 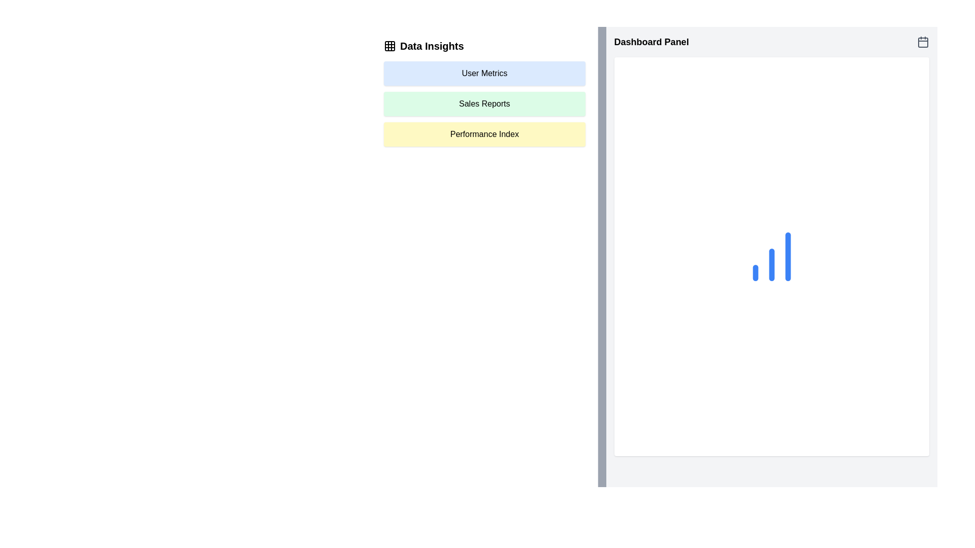 What do you see at coordinates (923, 42) in the screenshot?
I see `the background shape inside the calendar icon located at the top-right corner of the interface` at bounding box center [923, 42].